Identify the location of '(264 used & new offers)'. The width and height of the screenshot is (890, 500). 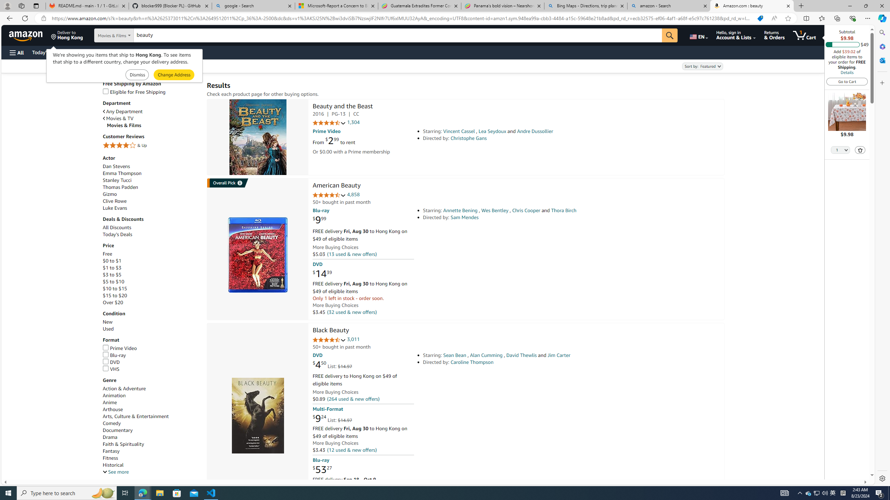
(353, 399).